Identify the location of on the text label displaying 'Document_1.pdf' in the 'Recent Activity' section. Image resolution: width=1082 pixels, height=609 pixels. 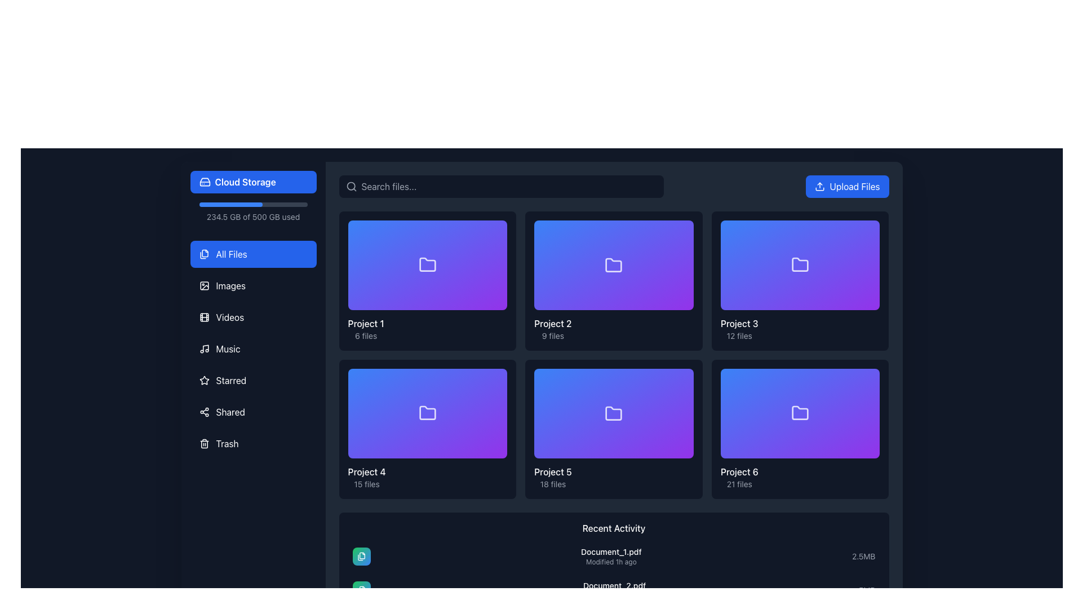
(610, 551).